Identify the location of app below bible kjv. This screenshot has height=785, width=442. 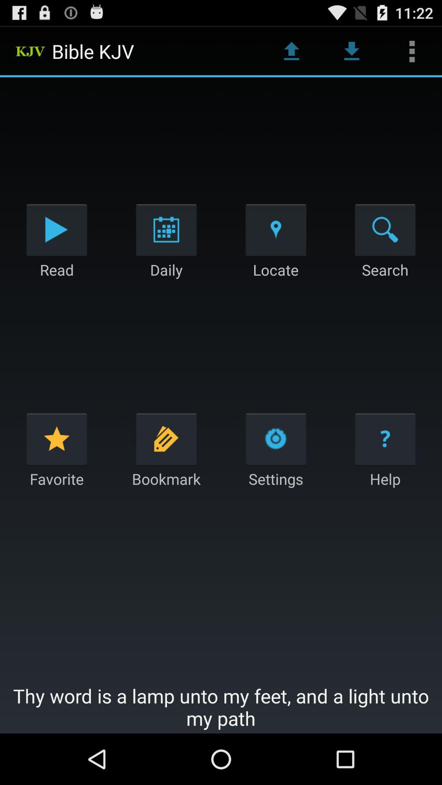
(166, 229).